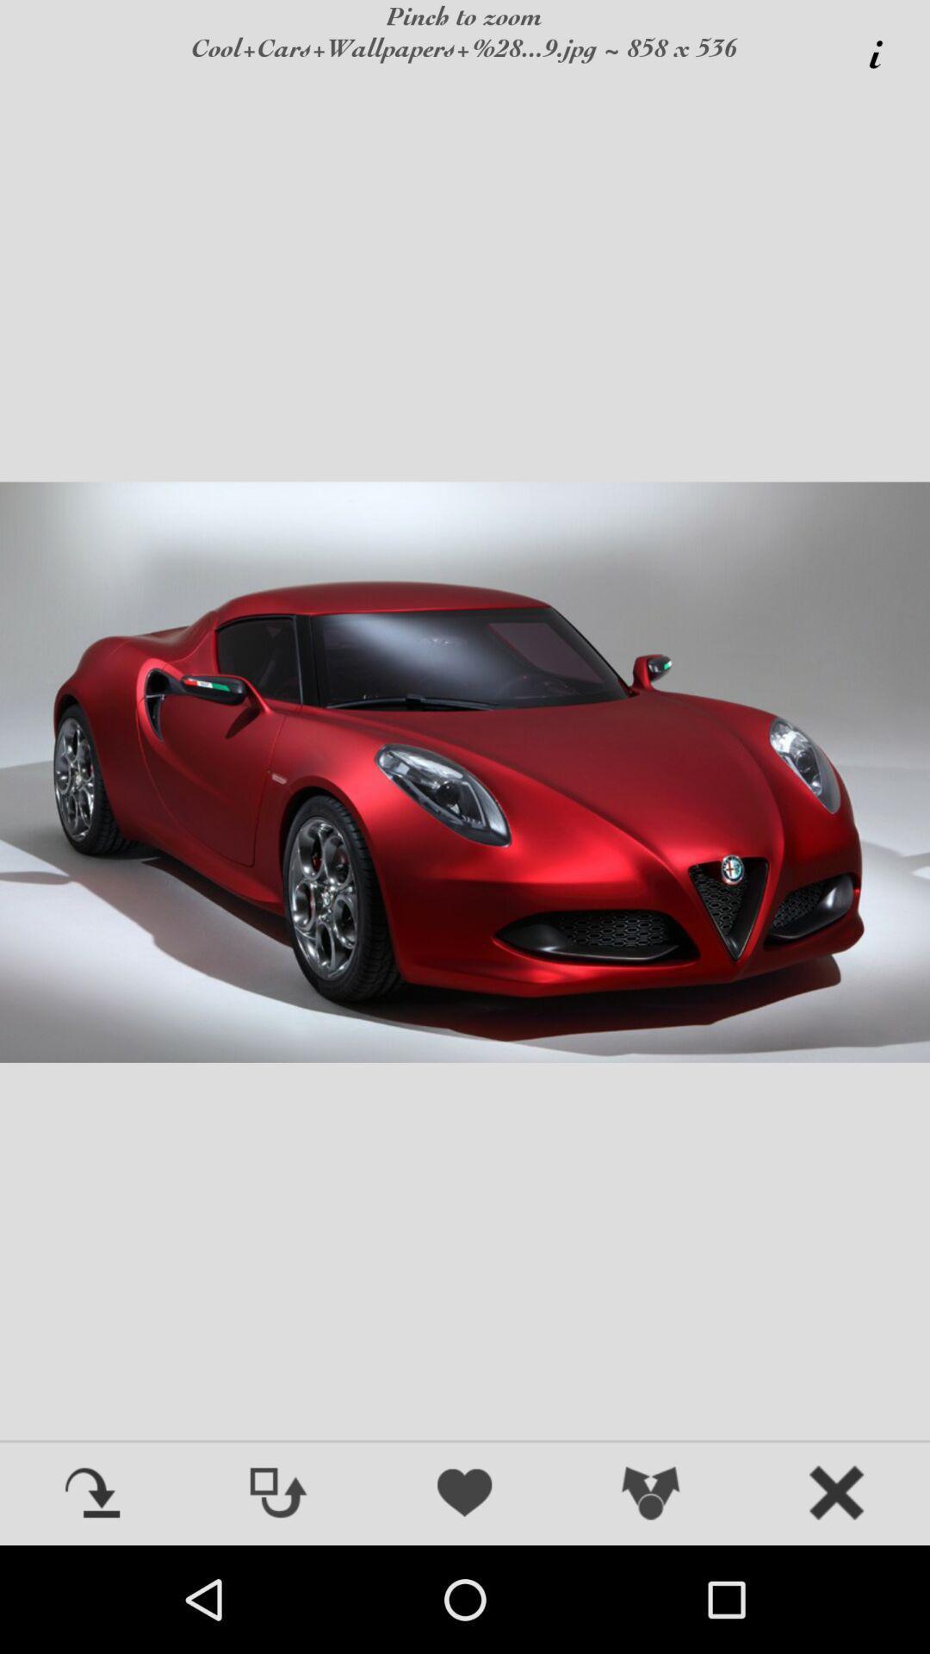 This screenshot has height=1654, width=930. What do you see at coordinates (836, 1494) in the screenshot?
I see `leave page` at bounding box center [836, 1494].